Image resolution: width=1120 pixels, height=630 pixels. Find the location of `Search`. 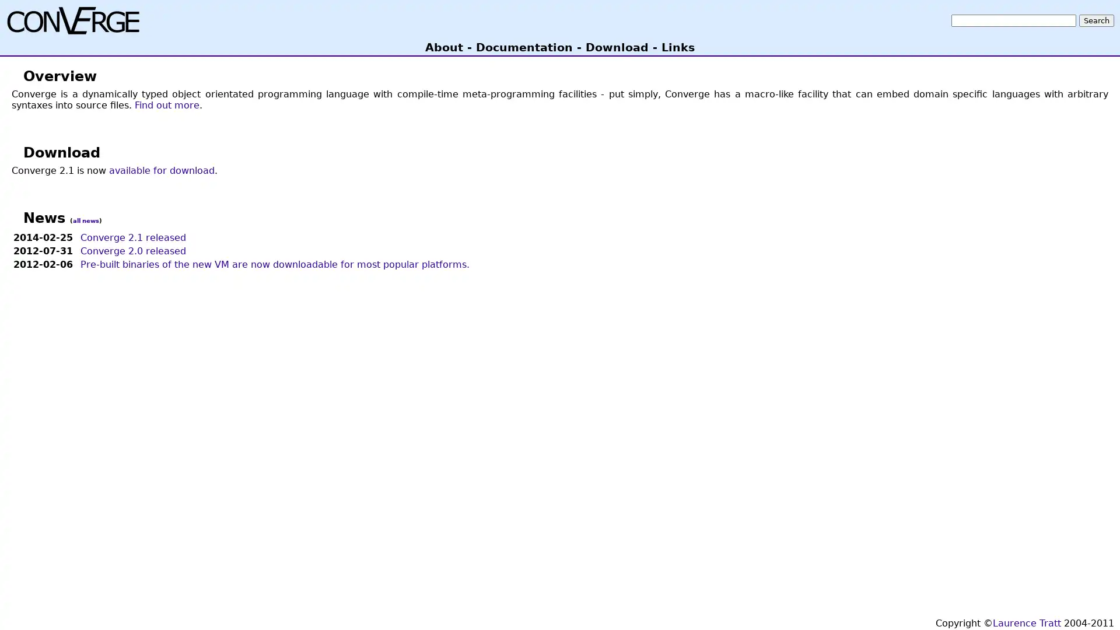

Search is located at coordinates (1096, 20).